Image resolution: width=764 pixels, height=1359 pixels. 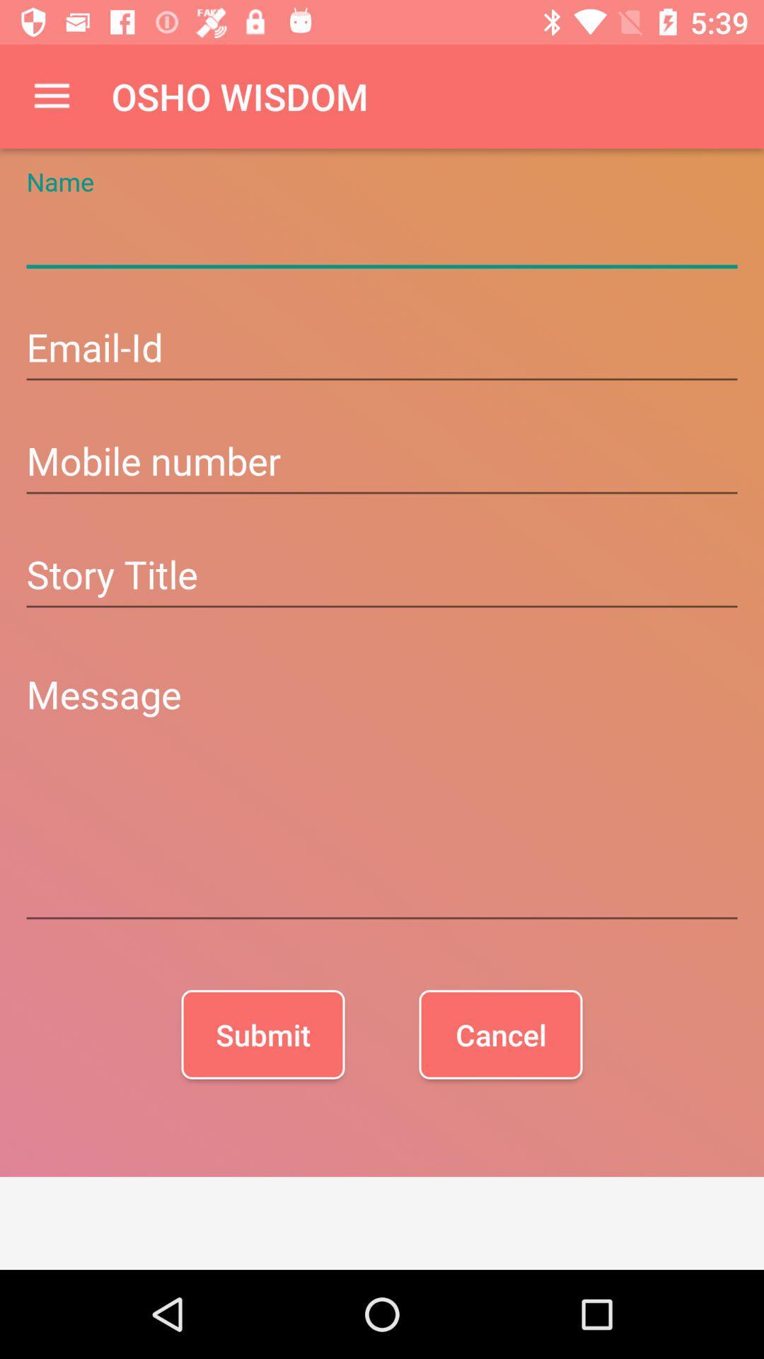 I want to click on name field, so click(x=382, y=236).